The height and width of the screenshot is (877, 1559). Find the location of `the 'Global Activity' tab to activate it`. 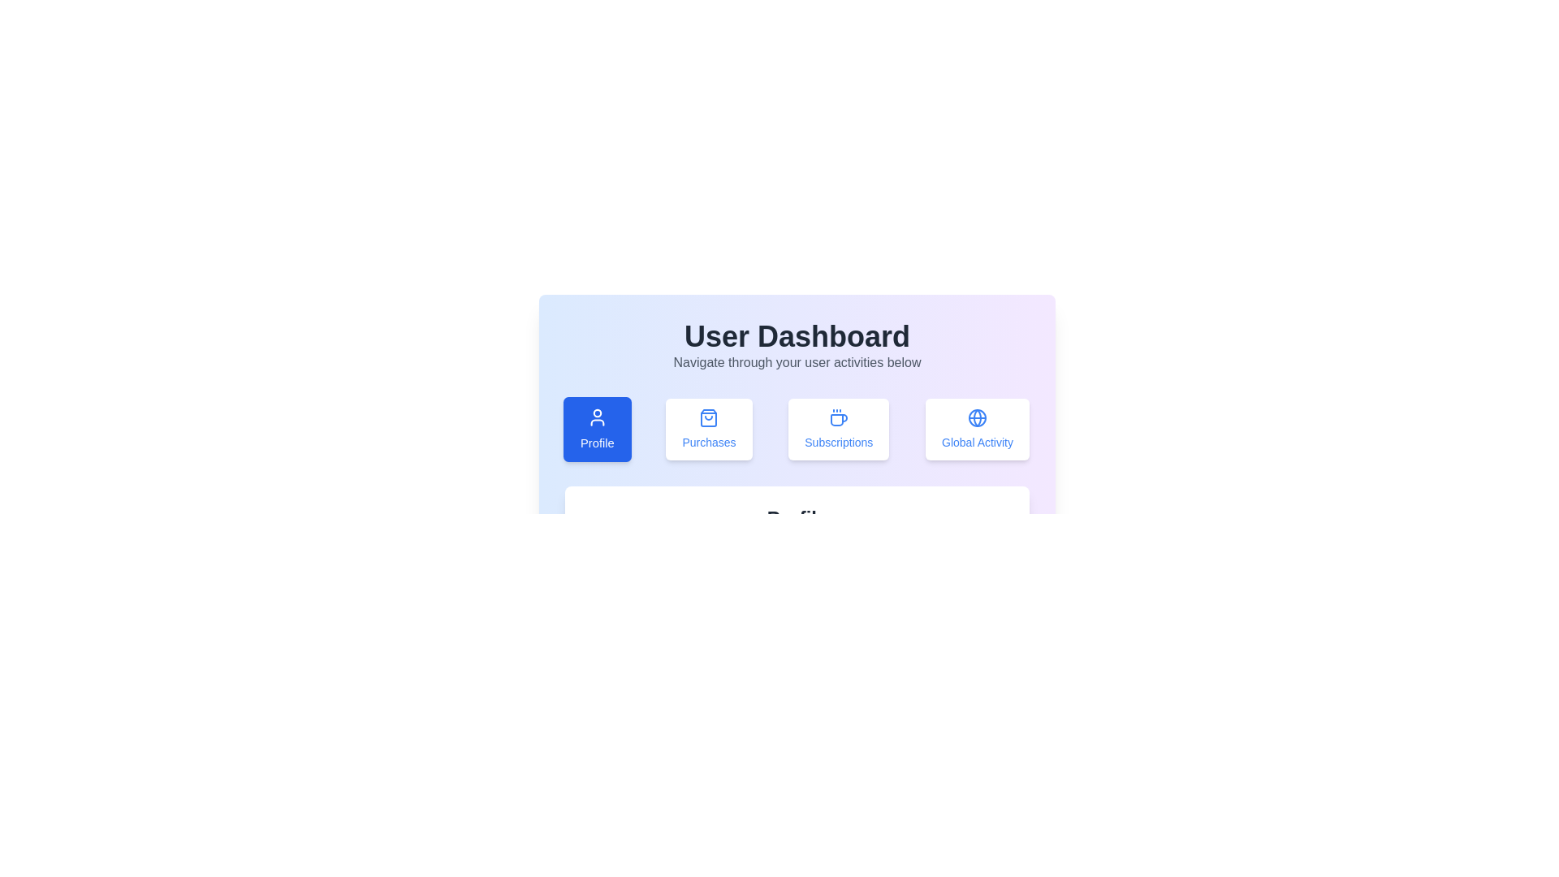

the 'Global Activity' tab to activate it is located at coordinates (977, 428).